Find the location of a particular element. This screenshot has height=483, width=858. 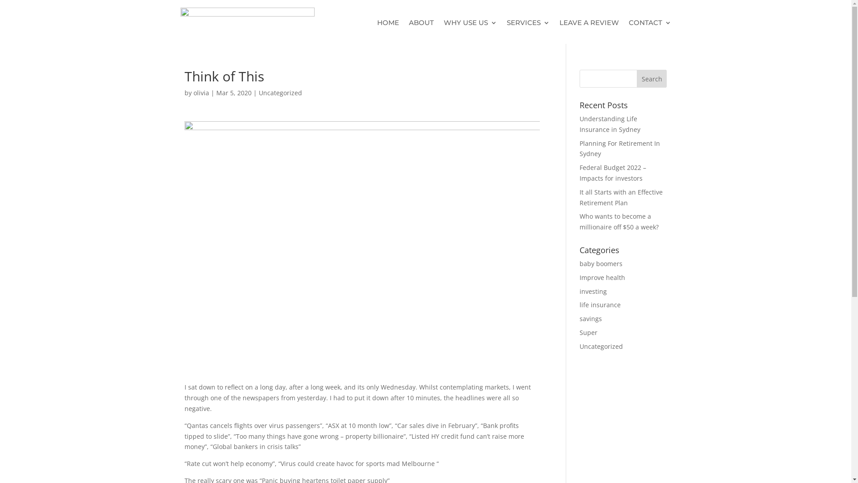

'life insurance' is located at coordinates (600, 304).